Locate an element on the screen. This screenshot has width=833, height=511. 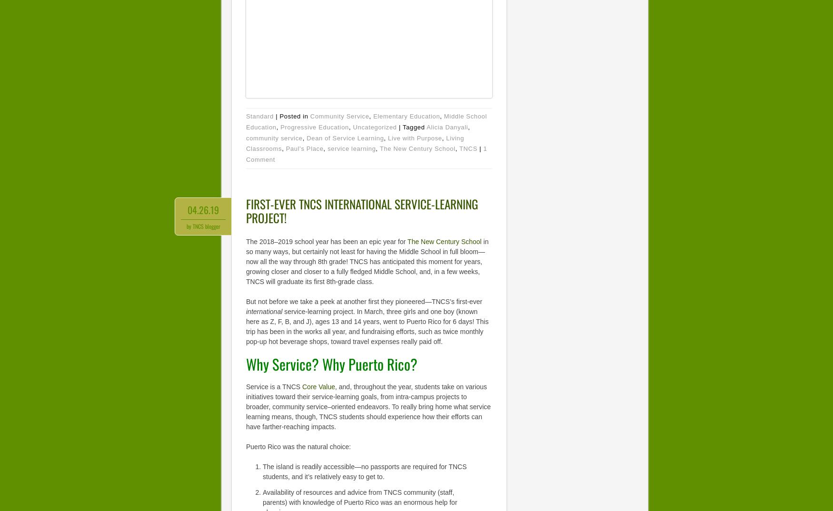
'in so many ways, but certainly not least for having the Middle School in full bloom—now all the way through 8th grade! TNCS has anticipated this moment for years, growing closer and closer to a fully fledged Middle School, and, in a few weeks, TNCS will graduate its first 8th-grade class.' is located at coordinates (367, 261).